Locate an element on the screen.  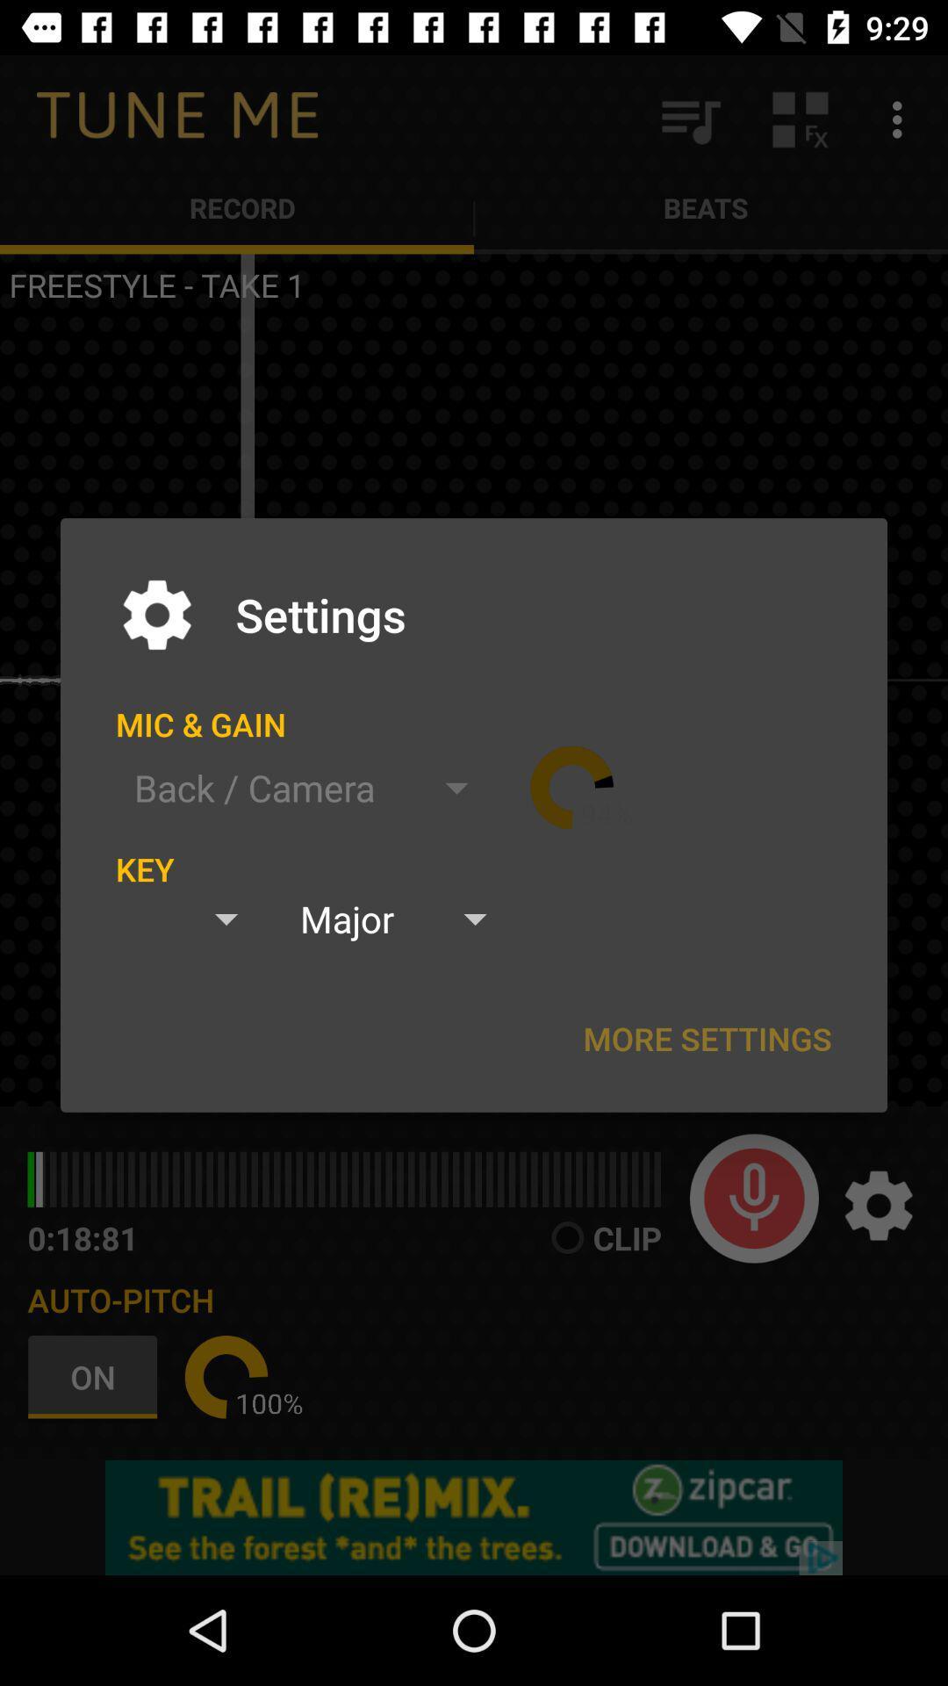
the icon above the beats app is located at coordinates (800, 119).